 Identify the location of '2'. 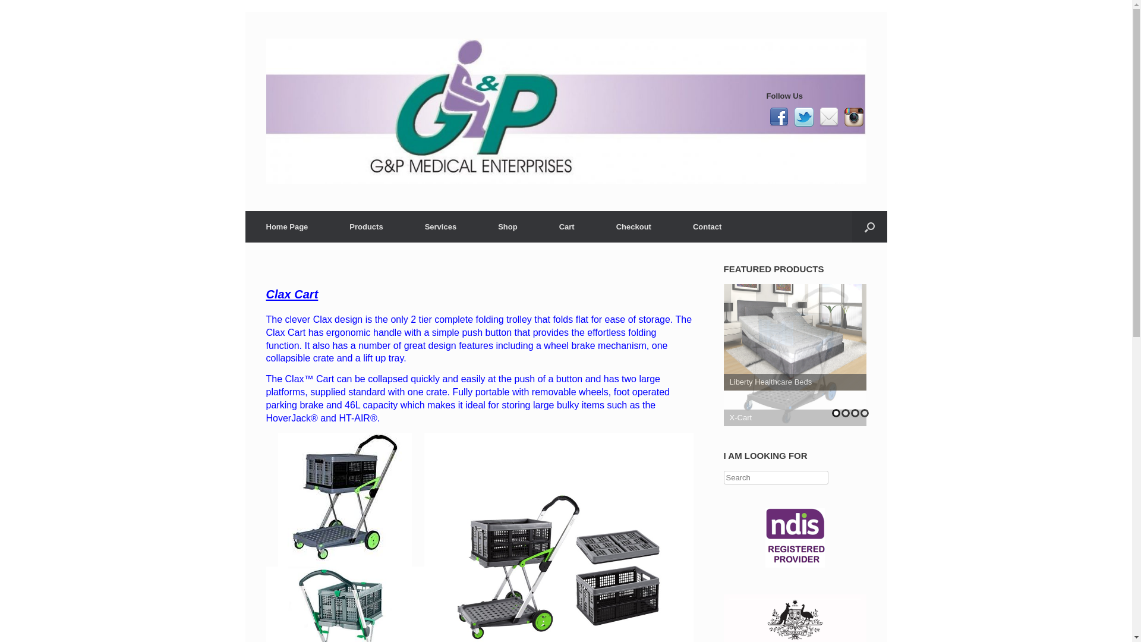
(844, 412).